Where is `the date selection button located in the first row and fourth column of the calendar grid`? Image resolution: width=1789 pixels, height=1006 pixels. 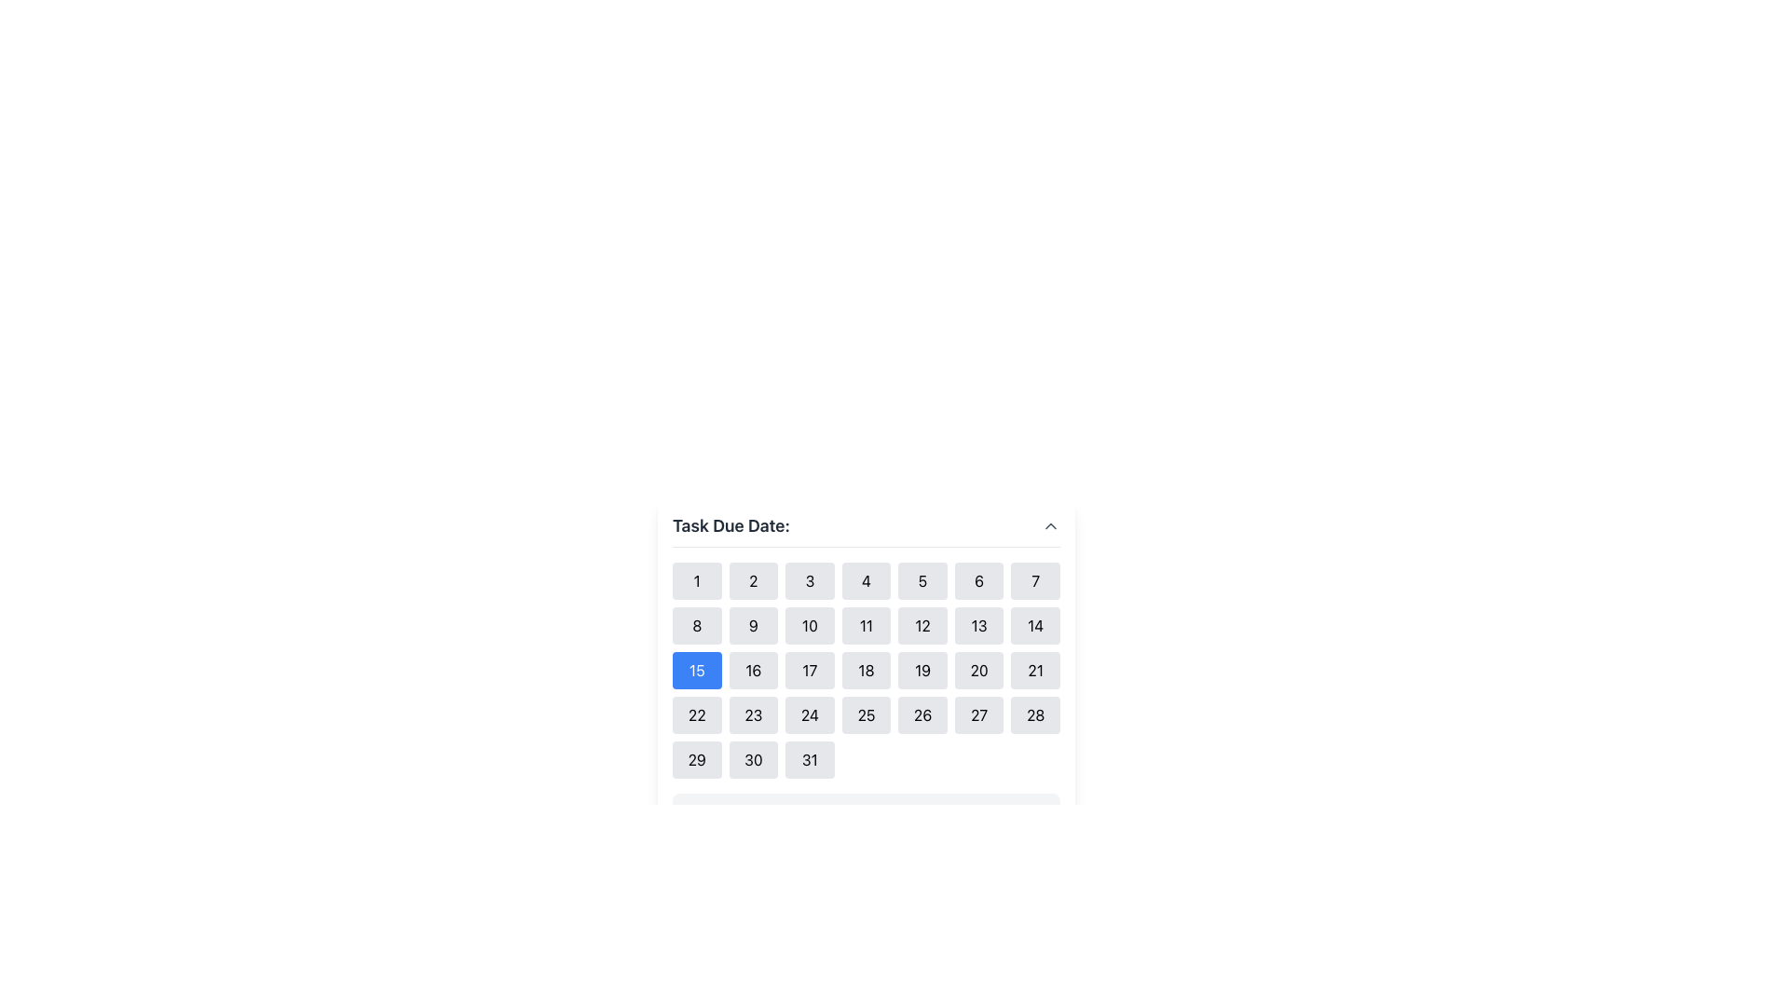 the date selection button located in the first row and fourth column of the calendar grid is located at coordinates (866, 580).